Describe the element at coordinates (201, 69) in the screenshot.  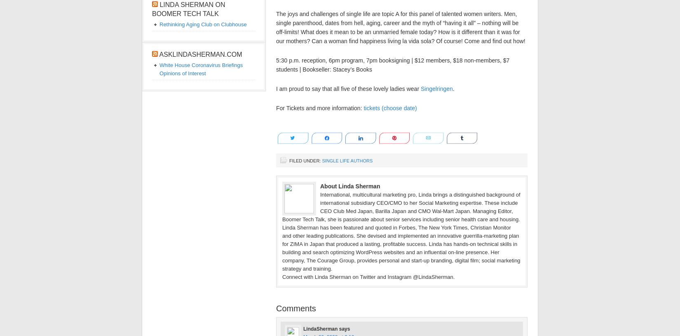
I see `'White House Coronavirus Briefings Opinions of Interest'` at that location.